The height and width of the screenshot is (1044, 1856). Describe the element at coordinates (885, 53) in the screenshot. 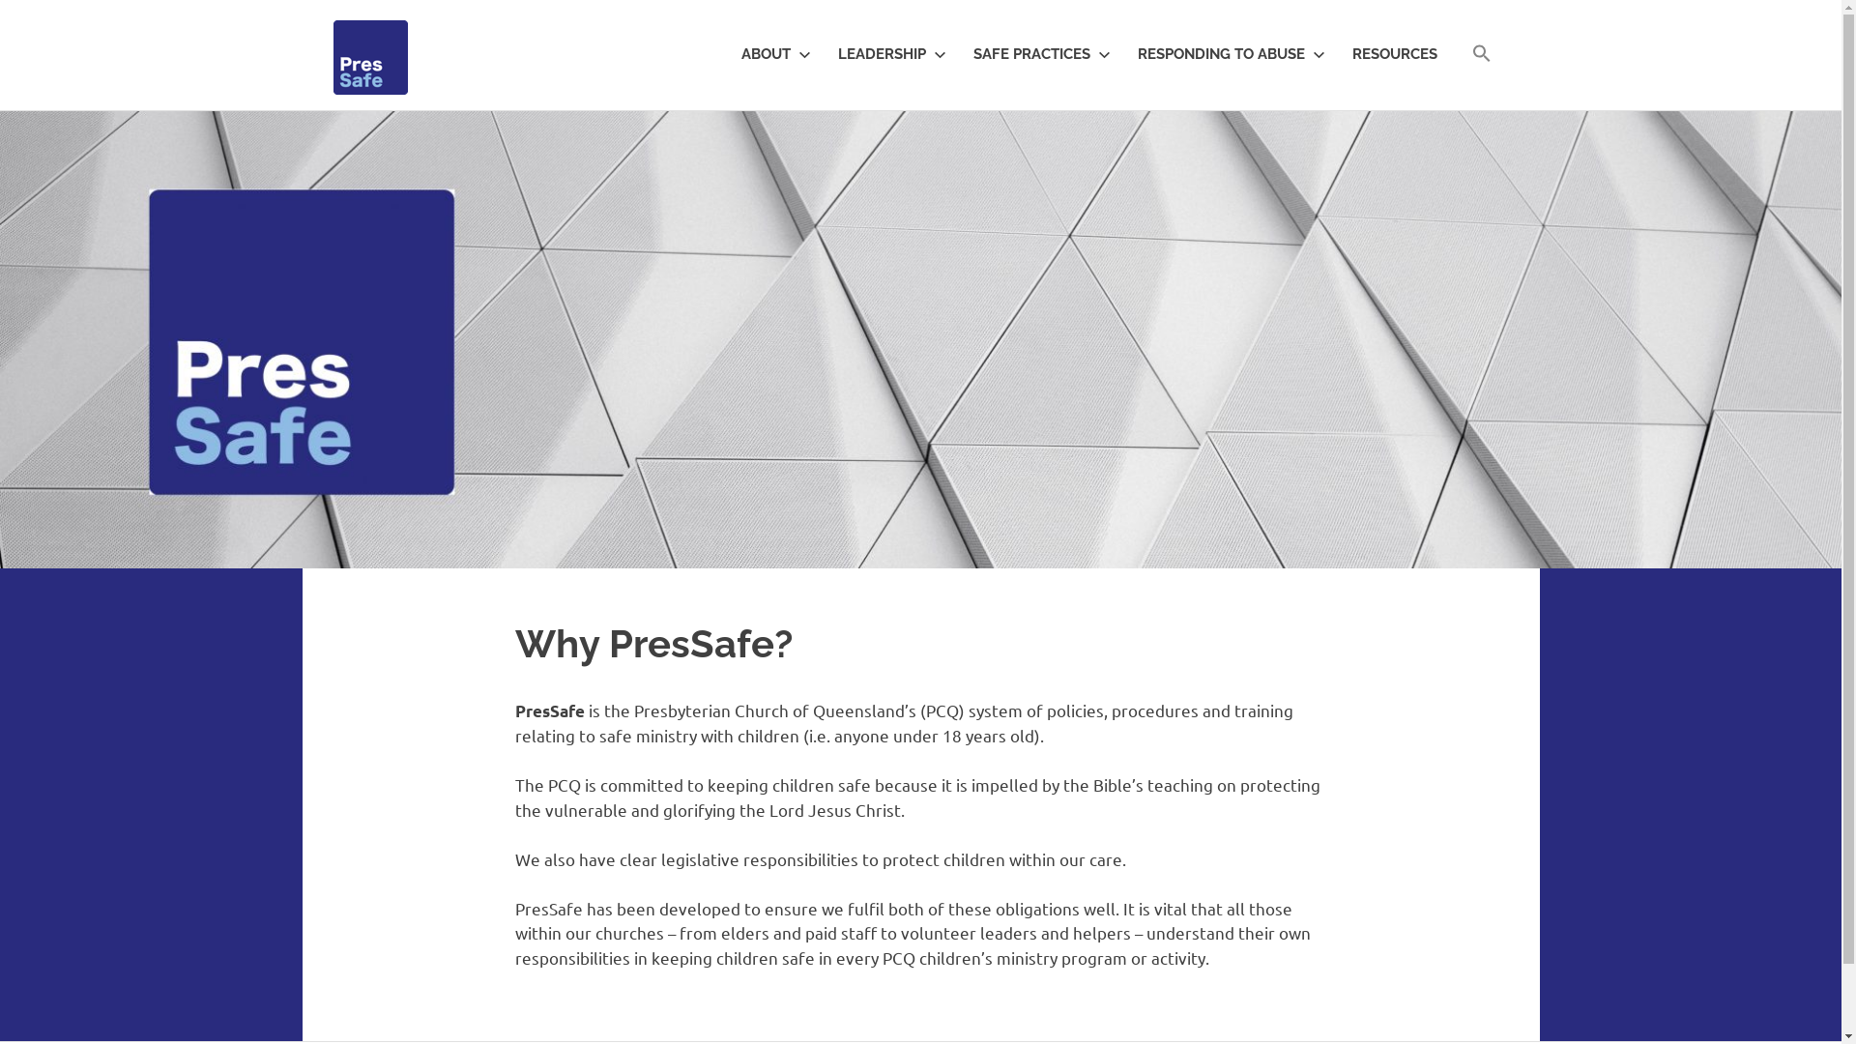

I see `'LEADERSHIP'` at that location.